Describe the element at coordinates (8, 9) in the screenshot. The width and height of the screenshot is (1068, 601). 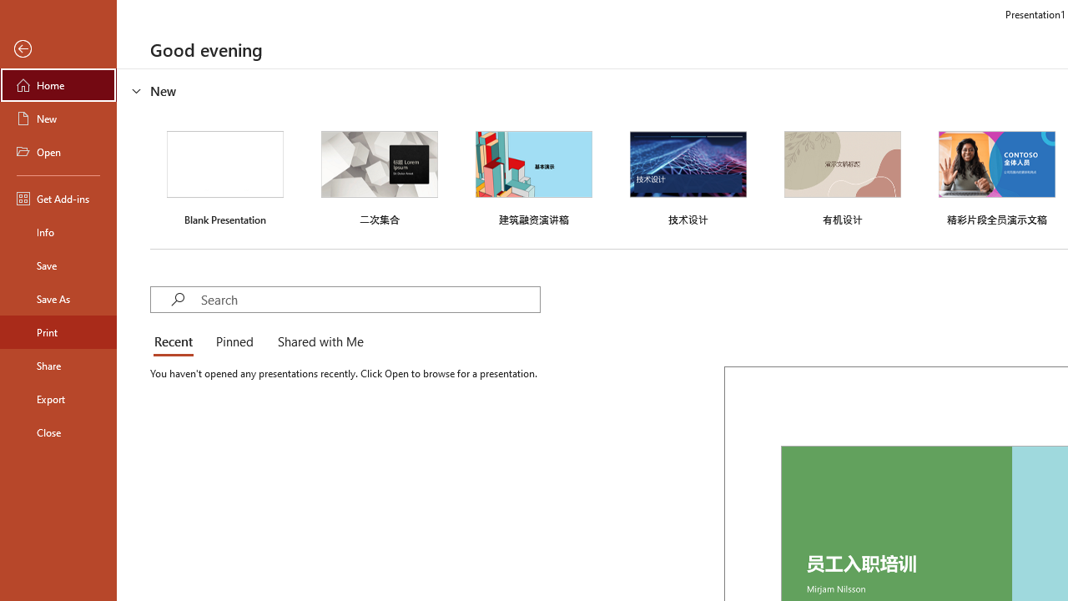
I see `'System'` at that location.